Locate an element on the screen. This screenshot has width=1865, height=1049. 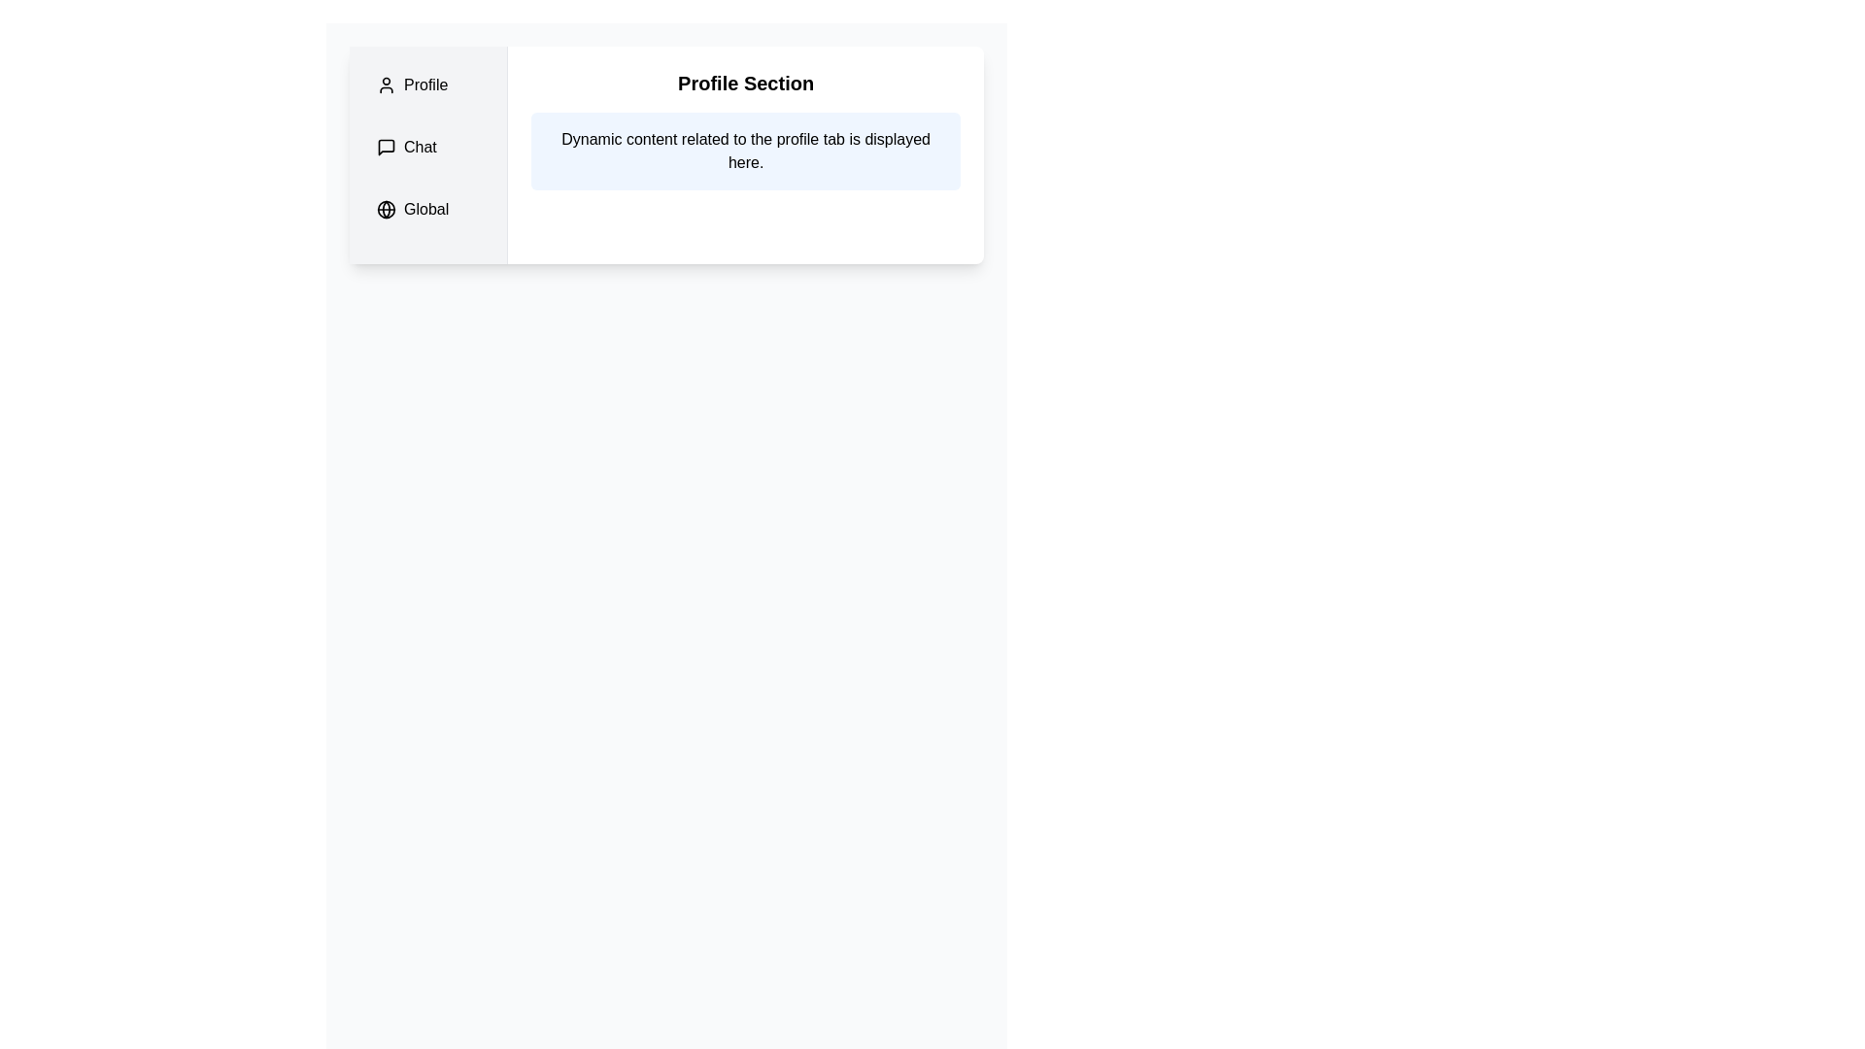
the 'Profile' Navigation Tab in the sidebar menu, which is the first item and features a user silhouette icon is located at coordinates (427, 85).